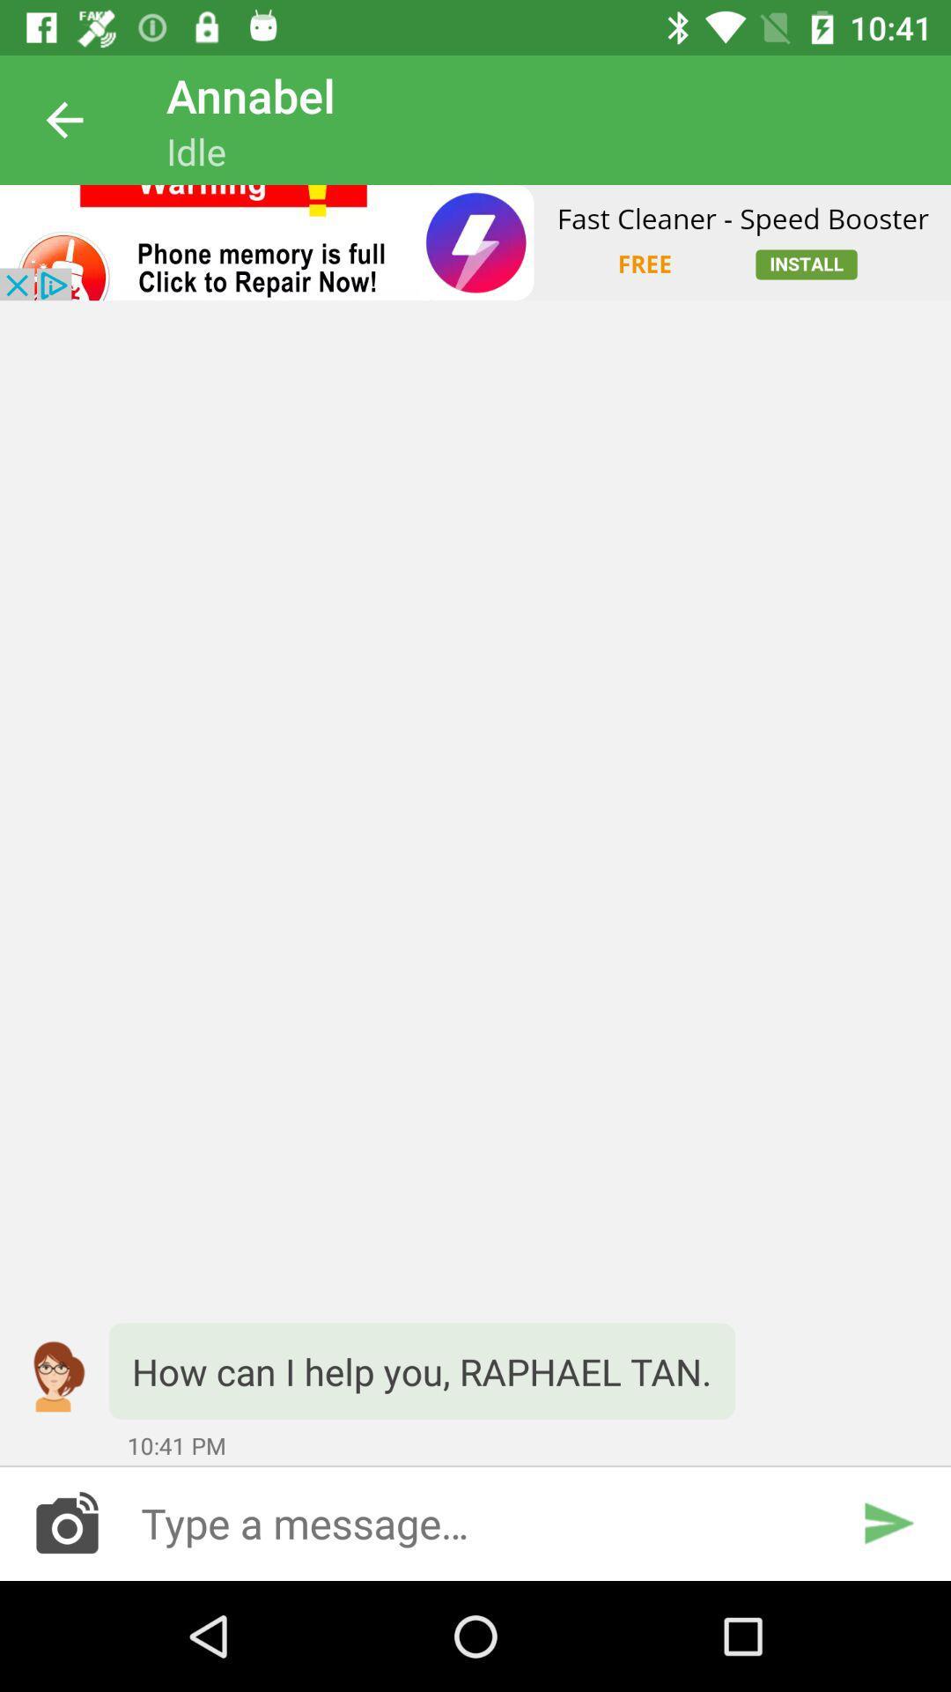 Image resolution: width=951 pixels, height=1692 pixels. Describe the element at coordinates (475, 241) in the screenshot. I see `the add link` at that location.